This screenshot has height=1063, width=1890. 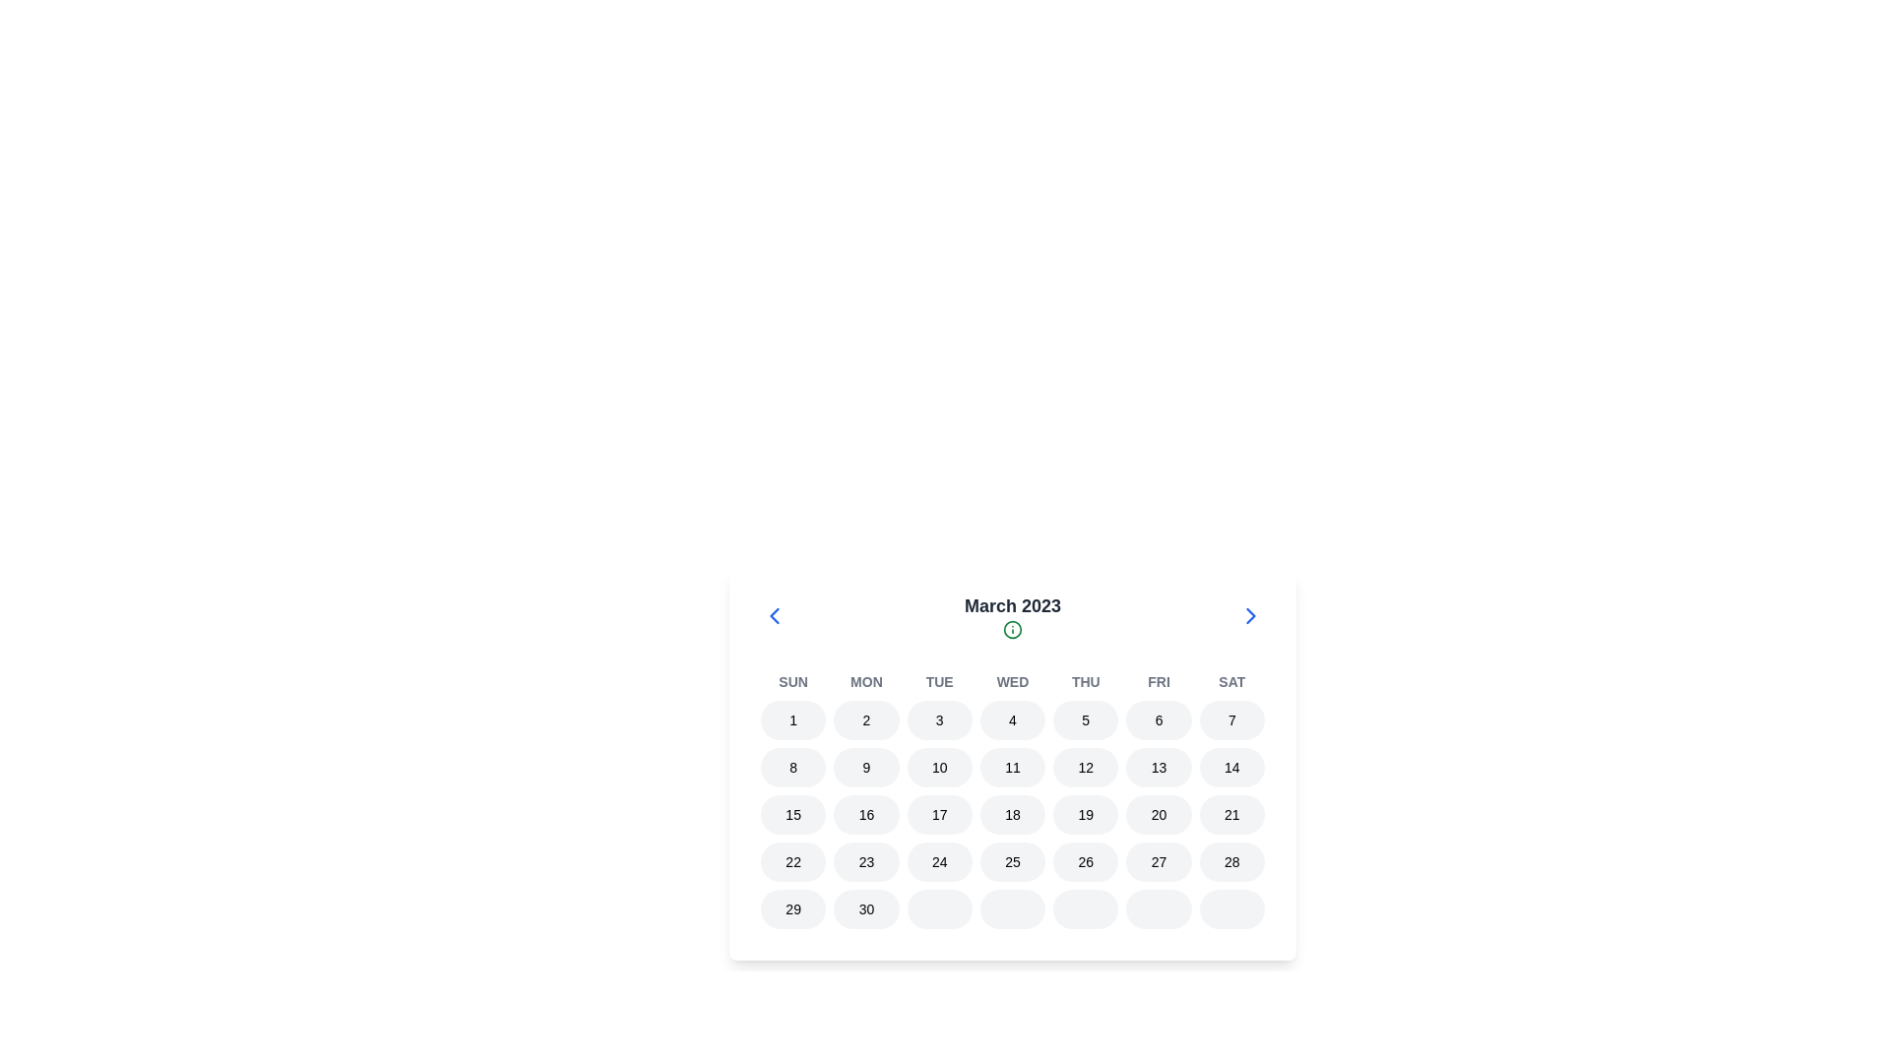 I want to click on the Text with an Icon that indicates the currently displayed month and year for the calendar, so click(x=1012, y=614).